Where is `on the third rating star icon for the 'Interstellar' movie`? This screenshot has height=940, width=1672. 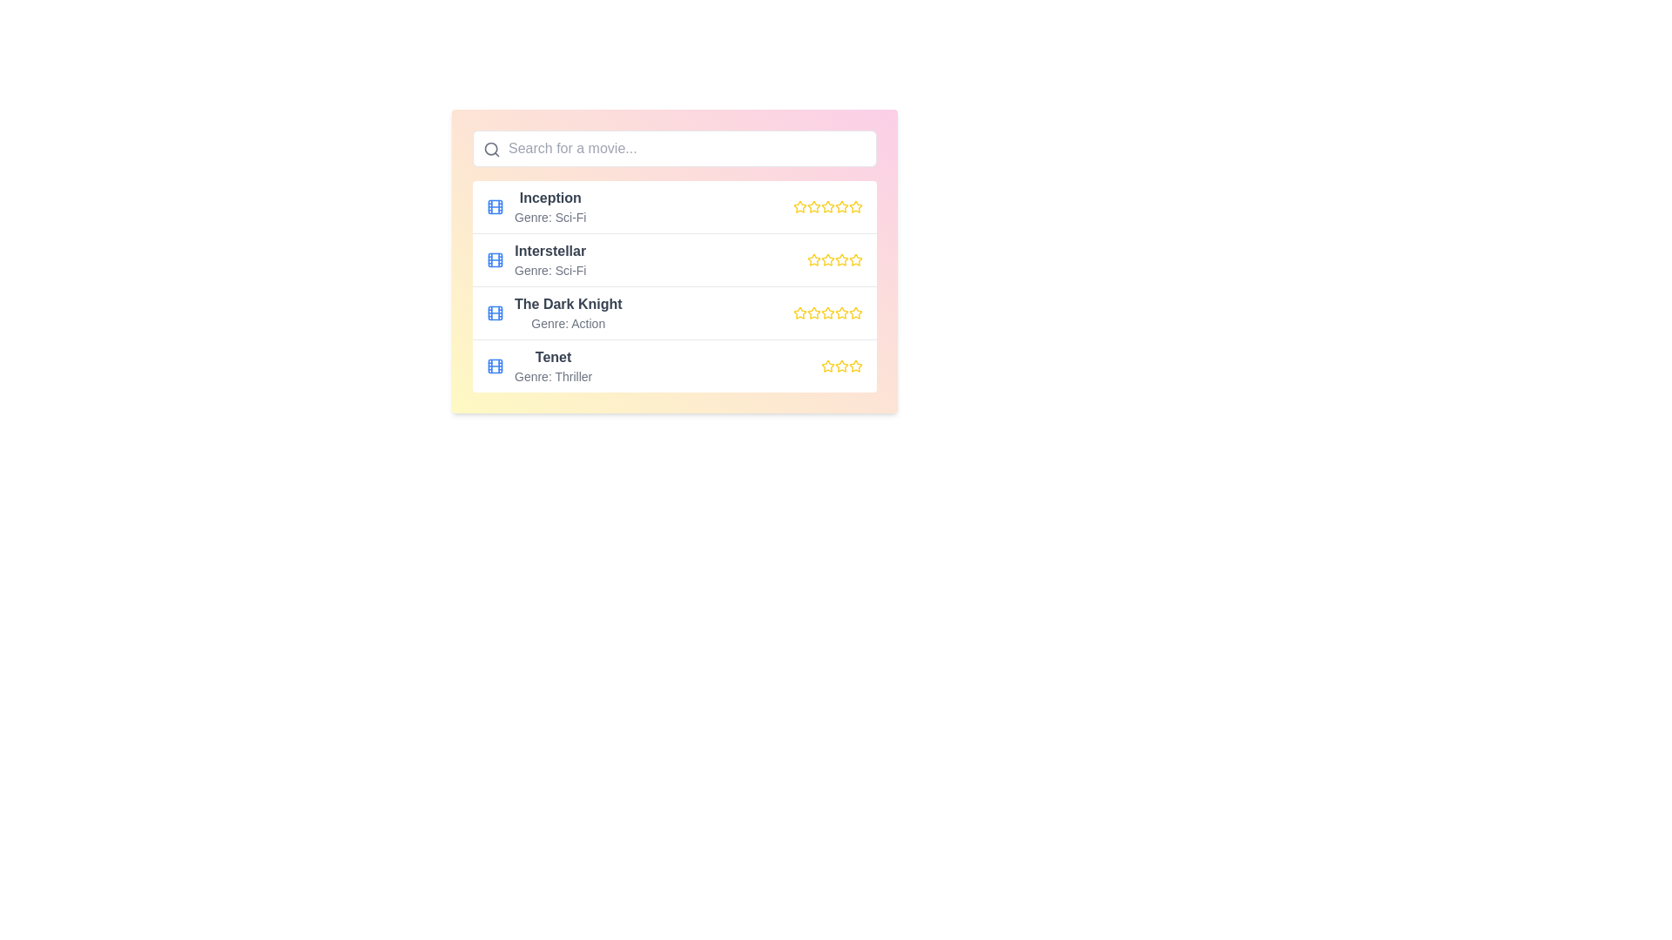
on the third rating star icon for the 'Interstellar' movie is located at coordinates (841, 259).